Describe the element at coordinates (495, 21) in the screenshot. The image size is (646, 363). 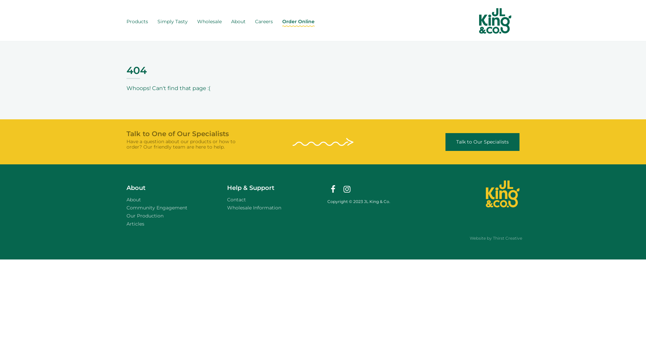
I see `'JL King - Home'` at that location.